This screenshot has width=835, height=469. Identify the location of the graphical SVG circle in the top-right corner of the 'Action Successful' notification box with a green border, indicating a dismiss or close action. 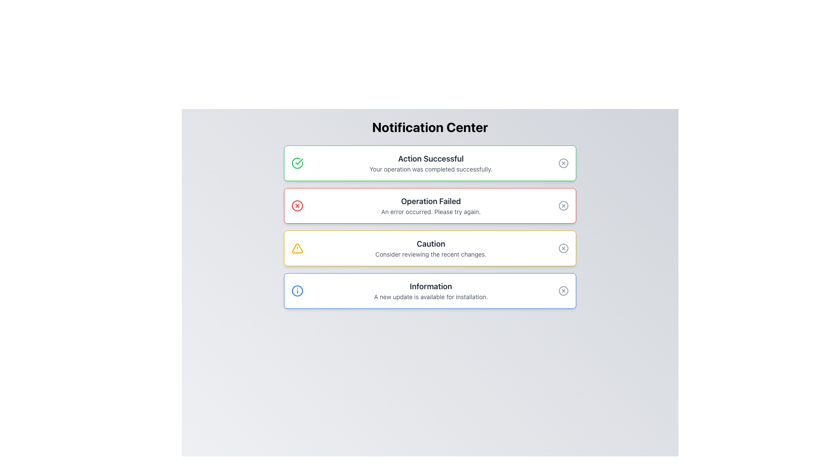
(564, 163).